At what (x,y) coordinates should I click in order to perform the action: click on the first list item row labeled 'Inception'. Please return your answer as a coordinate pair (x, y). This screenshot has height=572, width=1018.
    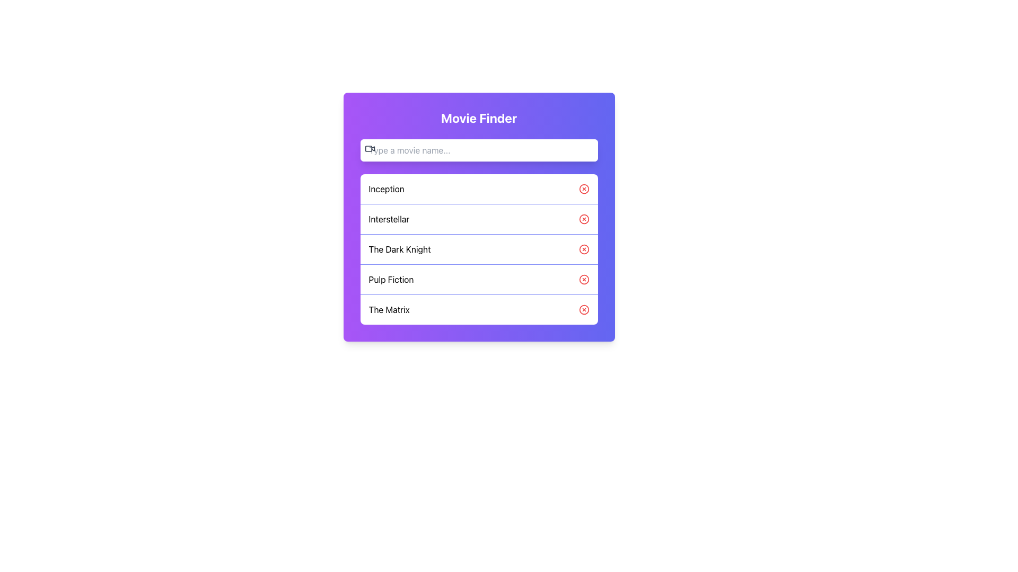
    Looking at the image, I should click on (478, 189).